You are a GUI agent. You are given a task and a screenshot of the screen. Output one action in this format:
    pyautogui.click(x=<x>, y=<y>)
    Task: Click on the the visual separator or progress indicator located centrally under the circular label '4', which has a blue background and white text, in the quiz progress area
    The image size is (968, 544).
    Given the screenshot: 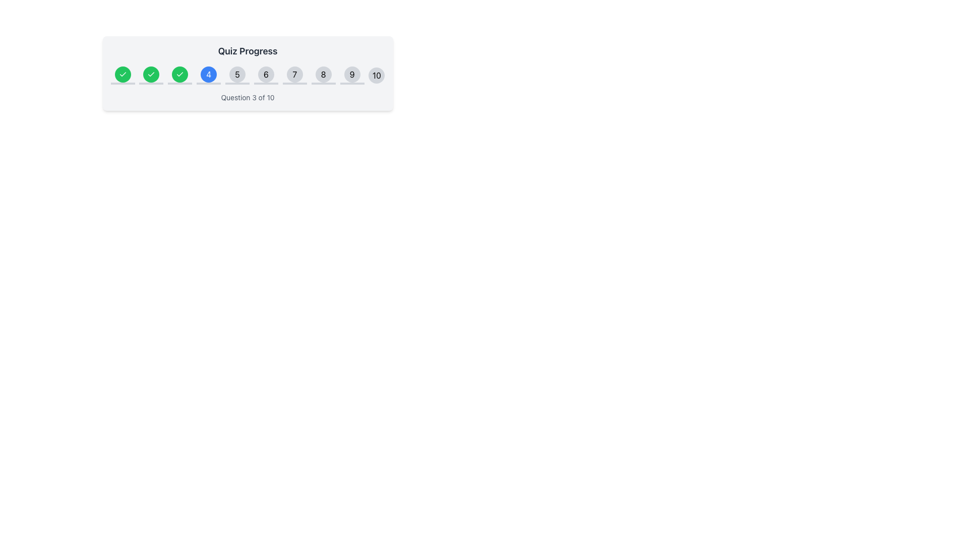 What is the action you would take?
    pyautogui.click(x=208, y=83)
    